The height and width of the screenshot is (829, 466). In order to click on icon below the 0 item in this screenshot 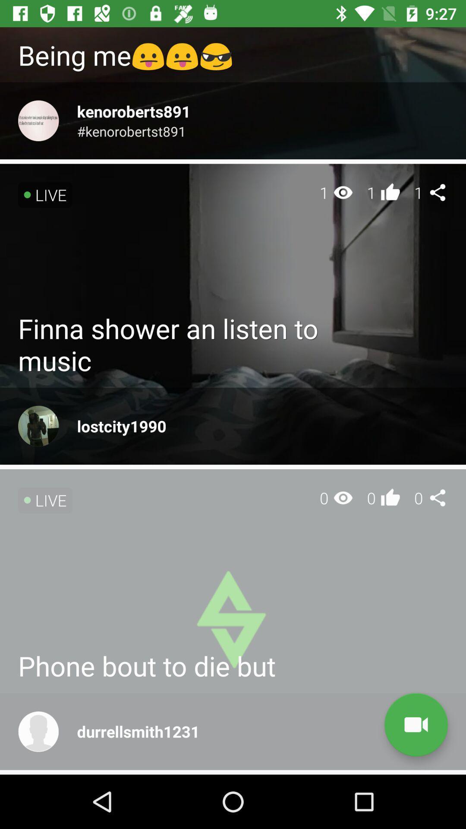, I will do `click(416, 725)`.